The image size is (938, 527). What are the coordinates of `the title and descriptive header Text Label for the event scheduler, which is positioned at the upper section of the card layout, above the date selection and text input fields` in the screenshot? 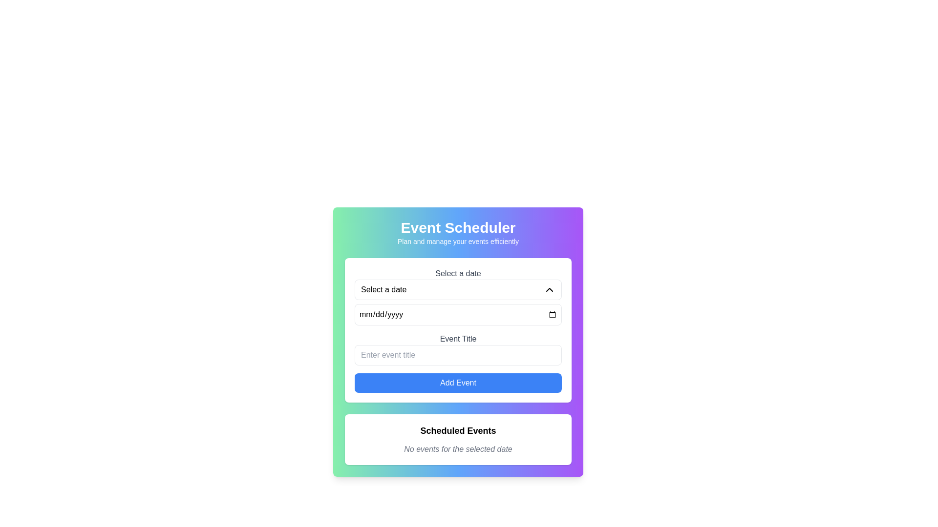 It's located at (457, 233).